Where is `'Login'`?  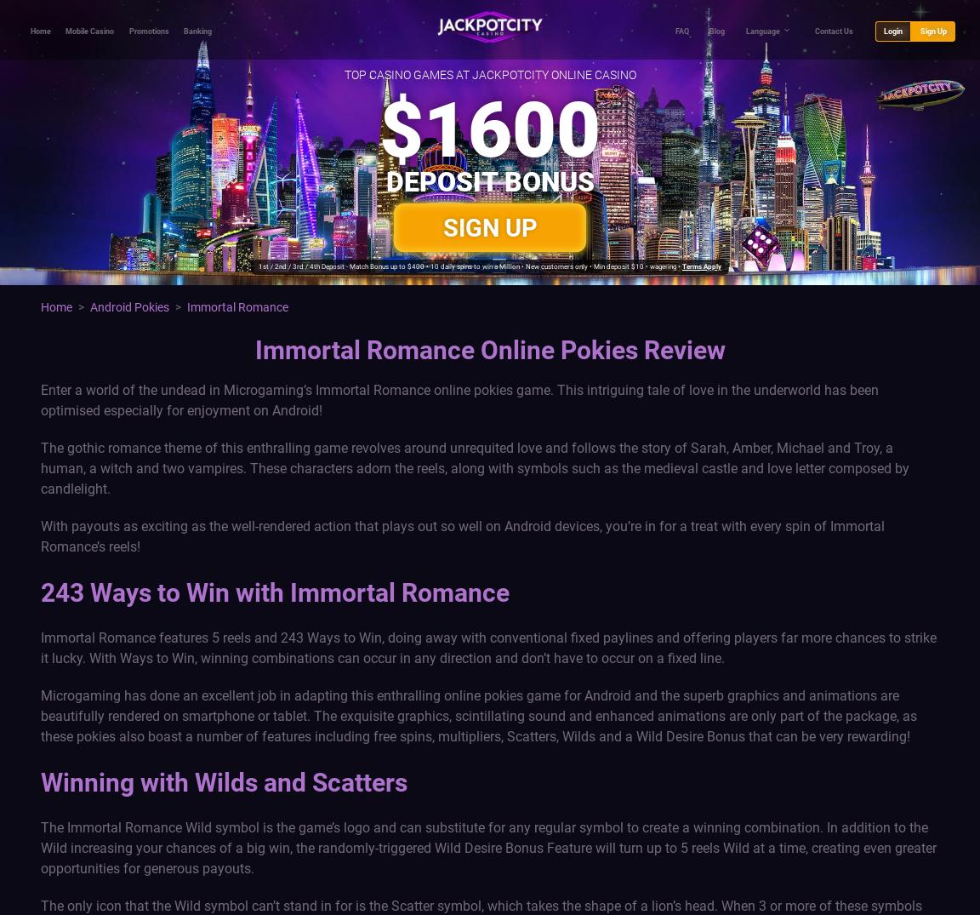 'Login' is located at coordinates (893, 30).